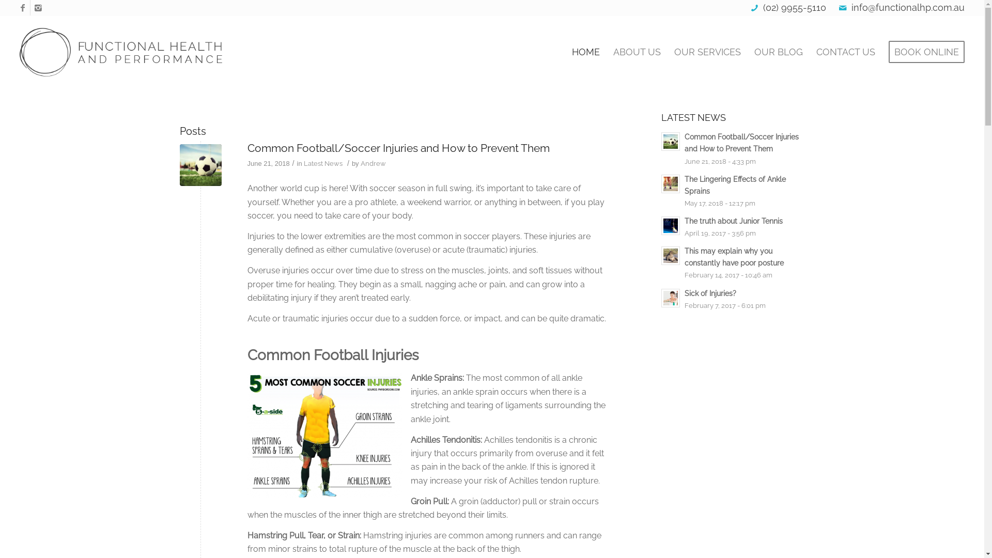 This screenshot has height=558, width=992. What do you see at coordinates (22, 8) in the screenshot?
I see `'Facebook'` at bounding box center [22, 8].